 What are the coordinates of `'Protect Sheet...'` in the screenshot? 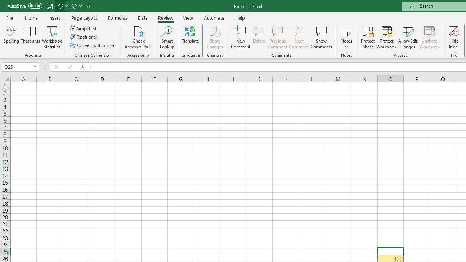 It's located at (368, 37).